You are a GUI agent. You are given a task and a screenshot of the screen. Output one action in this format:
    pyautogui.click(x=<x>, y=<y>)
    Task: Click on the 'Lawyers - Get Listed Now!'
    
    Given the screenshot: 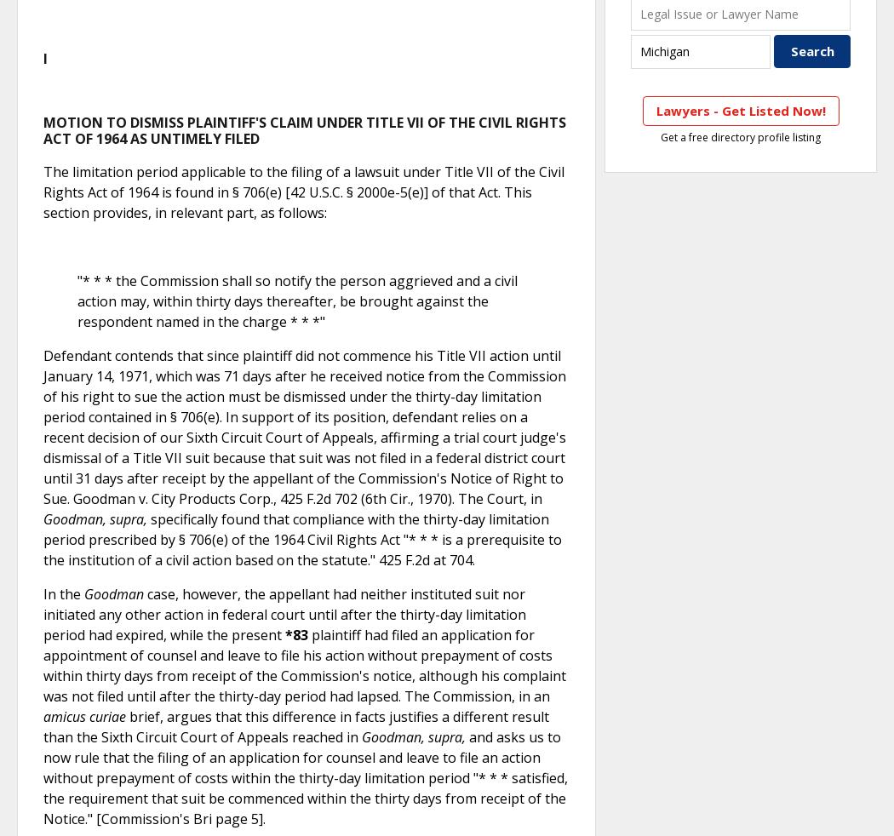 What is the action you would take?
    pyautogui.click(x=739, y=109)
    